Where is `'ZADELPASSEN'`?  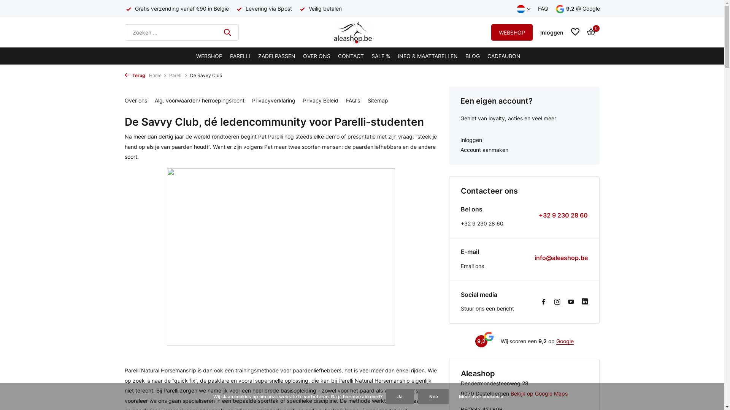
'ZADELPASSEN' is located at coordinates (276, 55).